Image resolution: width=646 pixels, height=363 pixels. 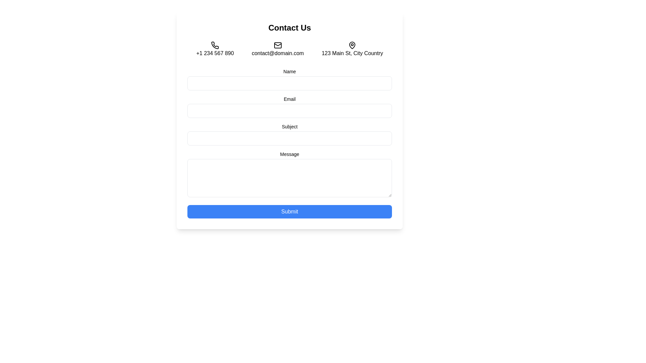 I want to click on the 'Email' label which is positioned above the input field in the form section, located slightly below the 'Contact Us' header, so click(x=289, y=99).